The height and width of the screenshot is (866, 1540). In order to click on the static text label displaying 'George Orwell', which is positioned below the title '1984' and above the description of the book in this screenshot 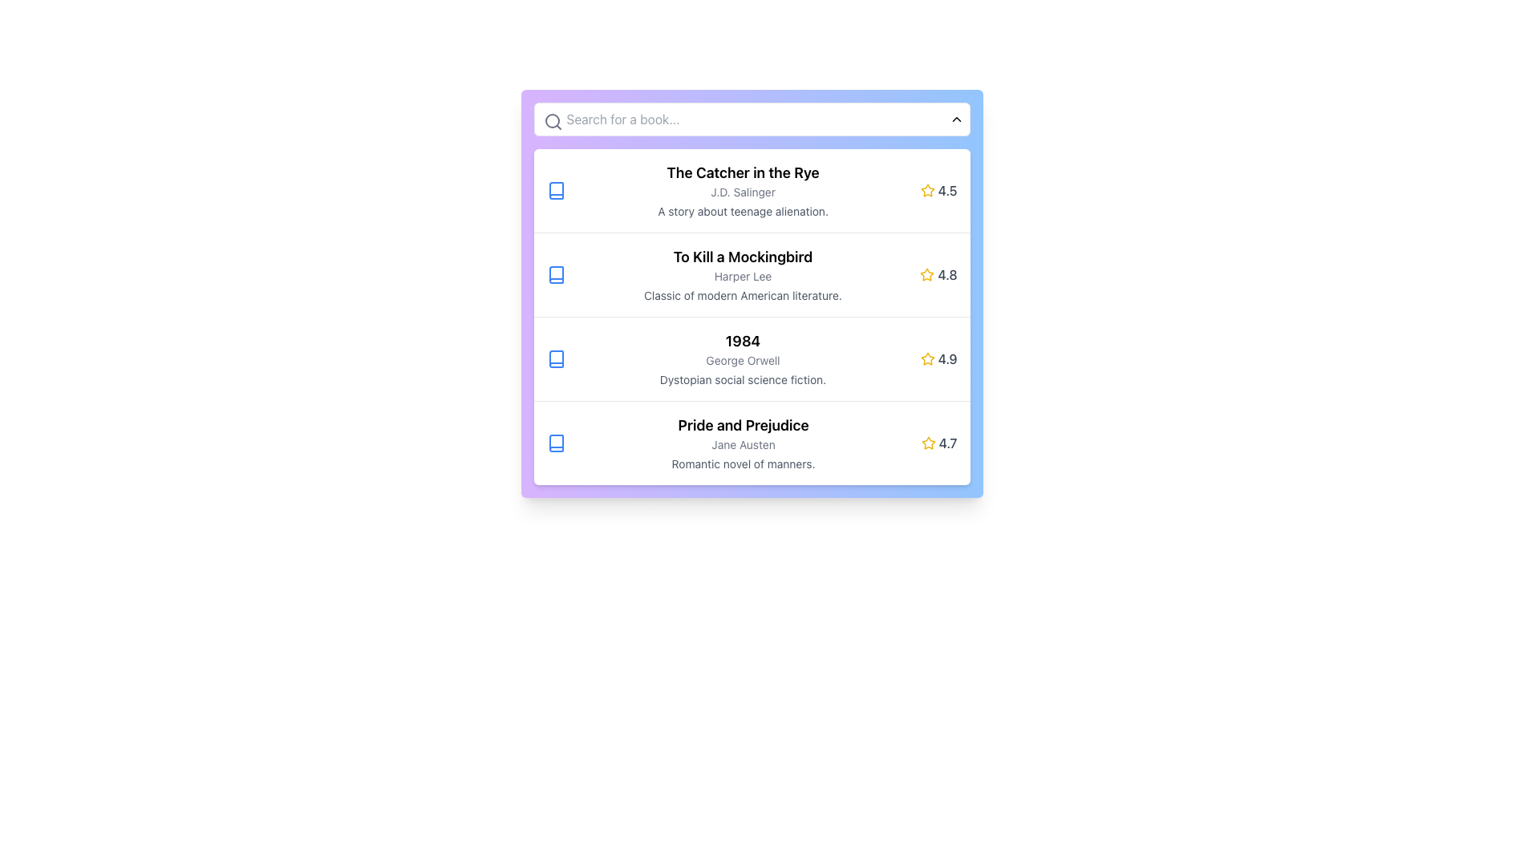, I will do `click(742, 361)`.